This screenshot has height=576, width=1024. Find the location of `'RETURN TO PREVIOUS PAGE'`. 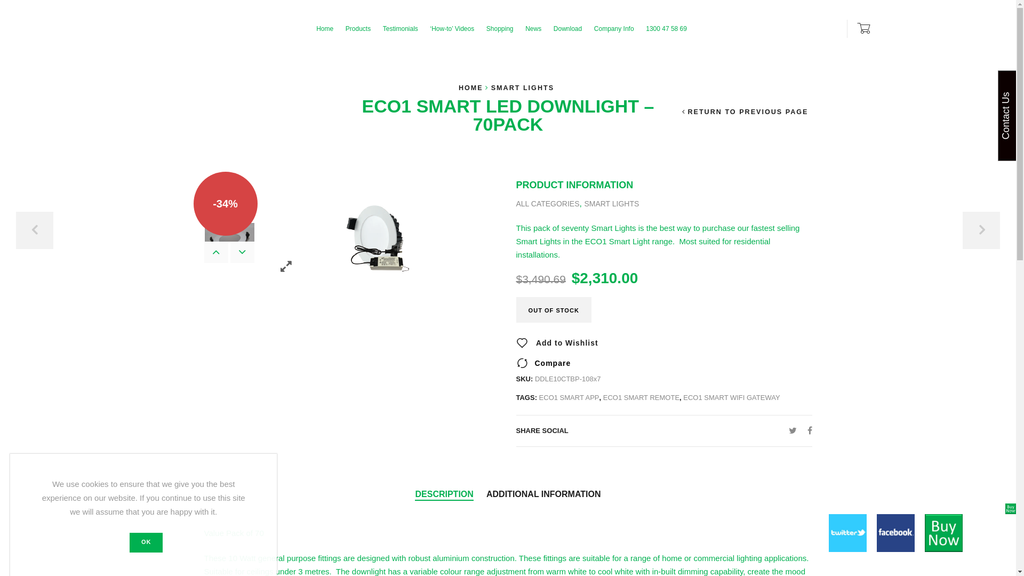

'RETURN TO PREVIOUS PAGE' is located at coordinates (745, 112).